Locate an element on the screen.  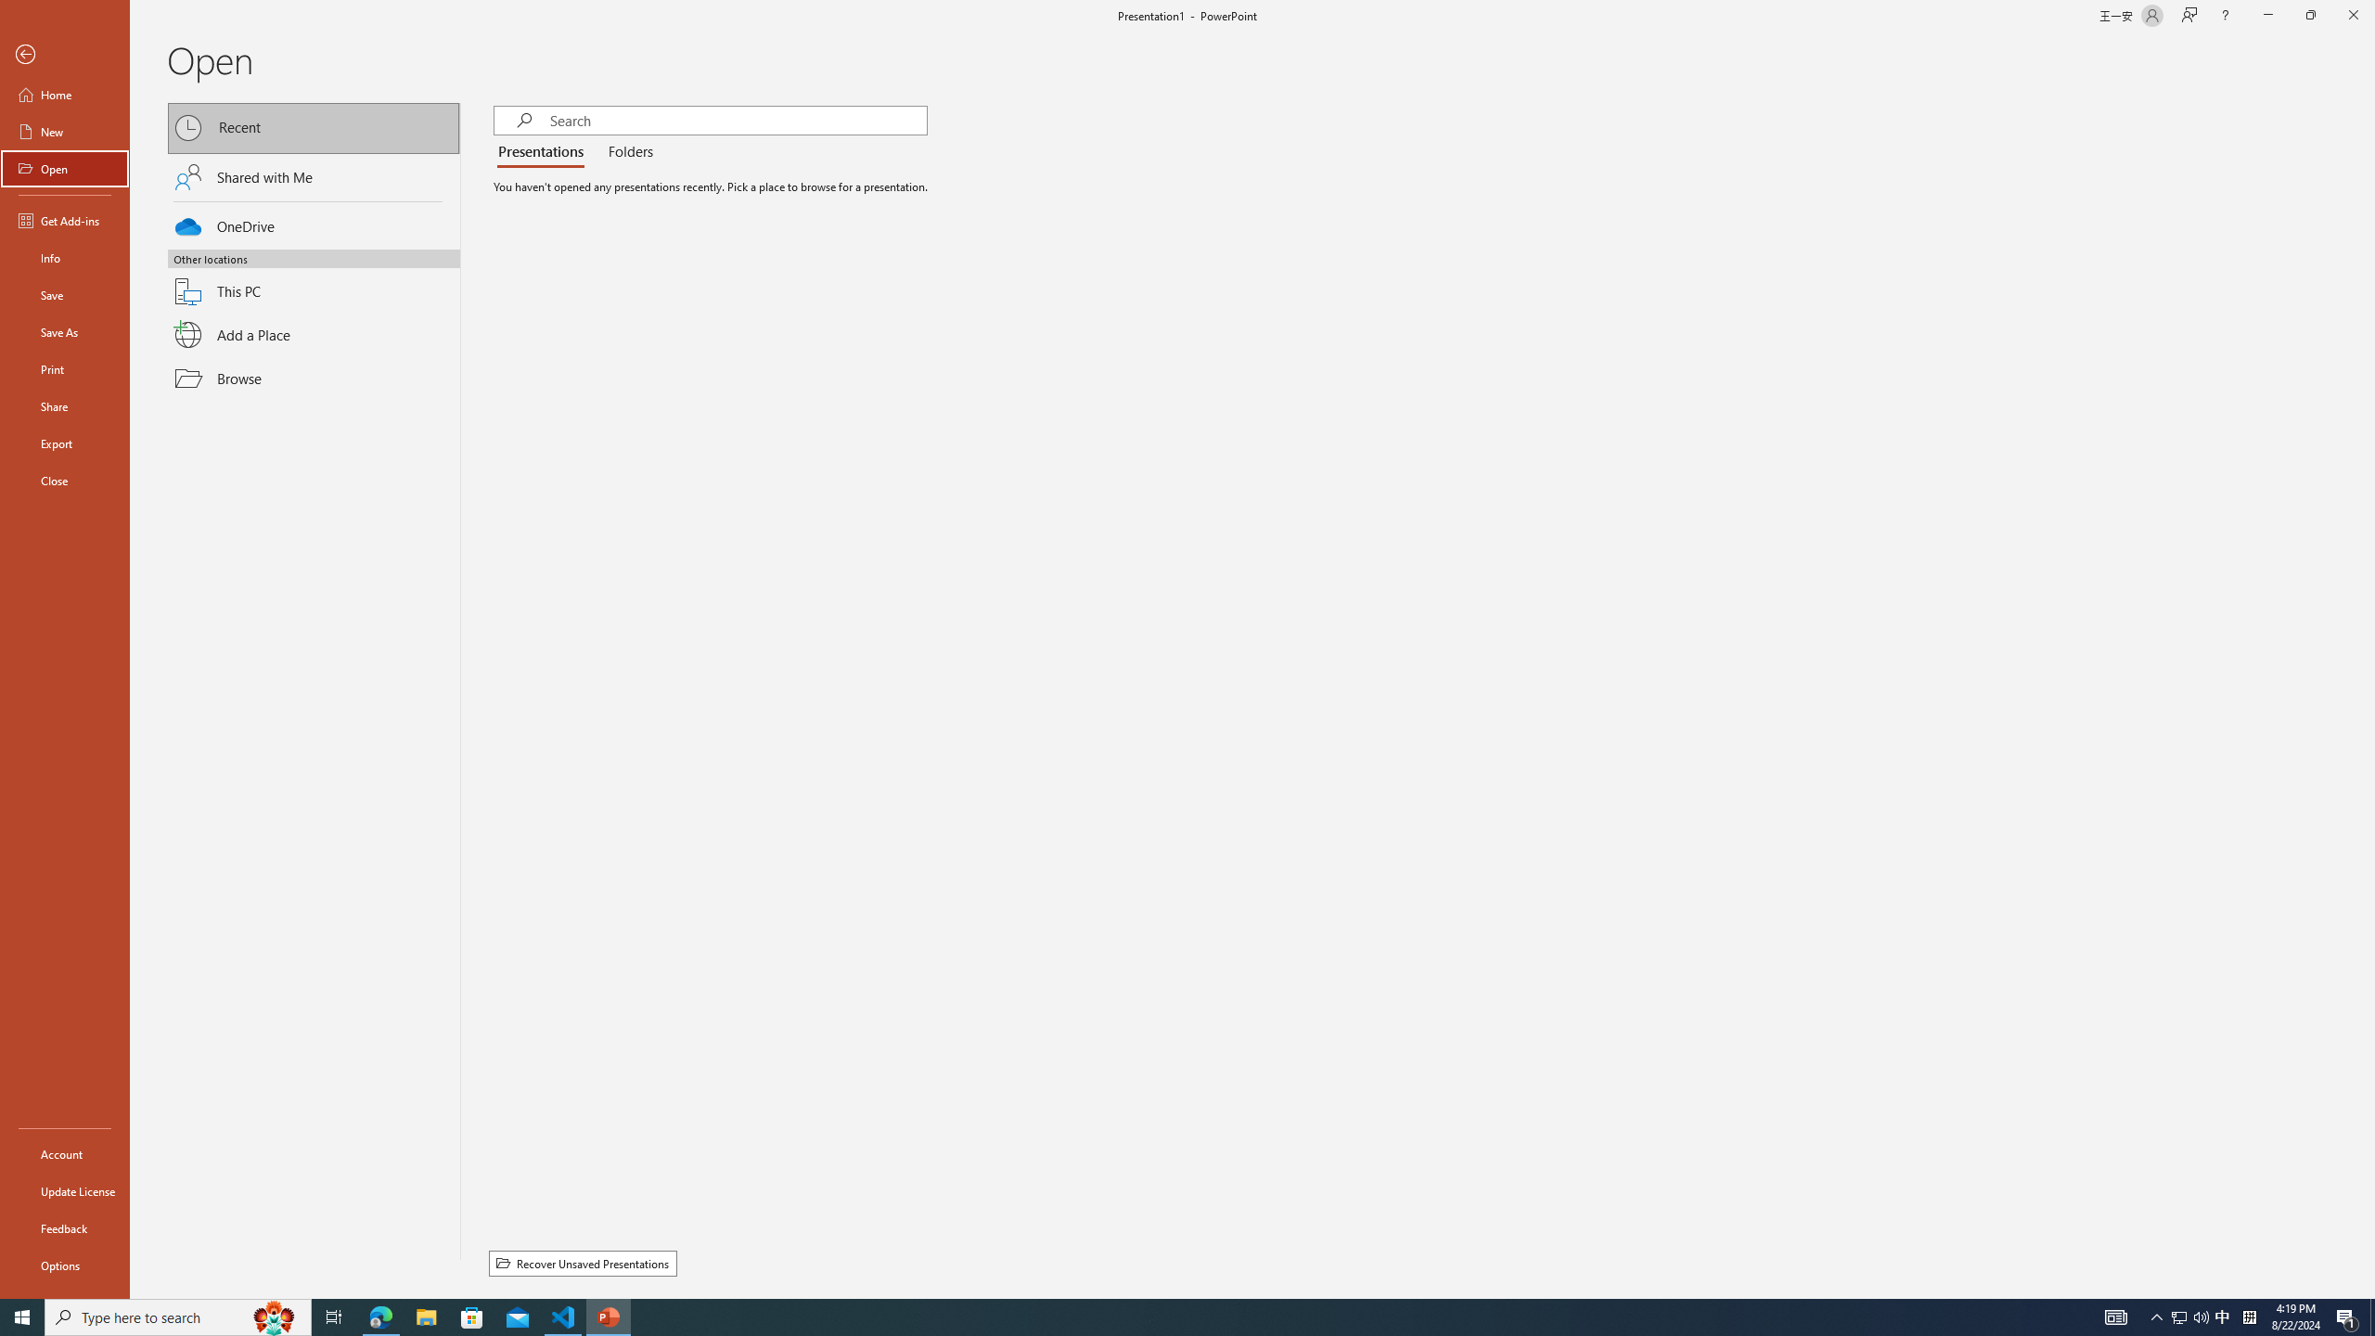
'New' is located at coordinates (64, 131).